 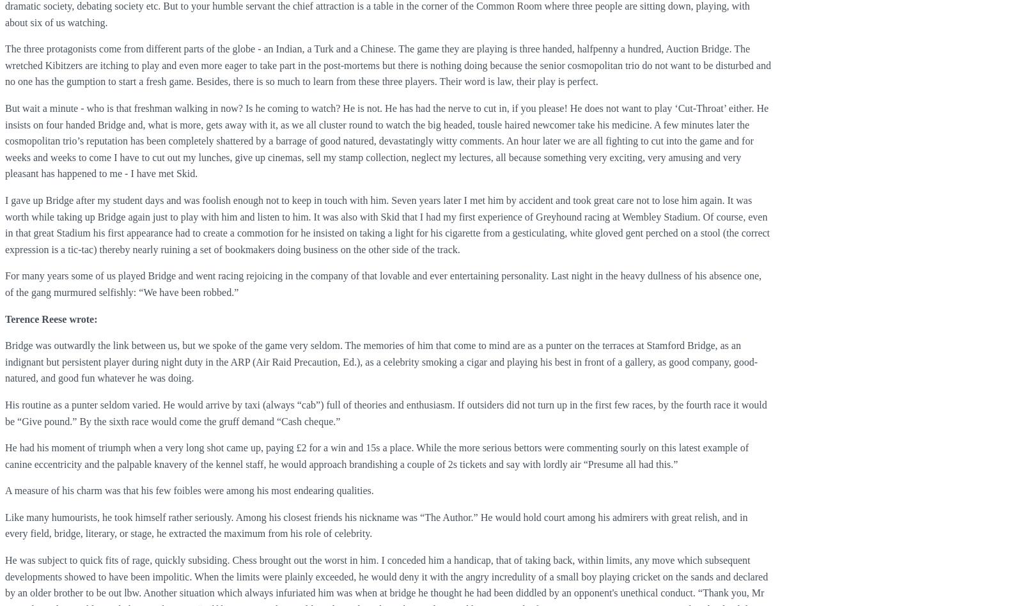 I want to click on 'I gave up Bridge after my student days and was foolish enough not to keep in touch with him.  Seven years later I met him by accident and took great care not to lose him again.  It was worth while taking up Bridge again just to play with him and listen to him.  It was also with Skid that I had my first experience of Greyhound racing at Wembley Stadium.  Of course, even in that great Stadium his first appearance had to create a commotion for he insisted on taking a light for his cigarette from a gesticulating, white gloved gent perched on a stool (the correct expression is a tic-tac) thereby nearly ruining a set of bookmakers doing business on the other side of the track.', so click(x=4, y=224).